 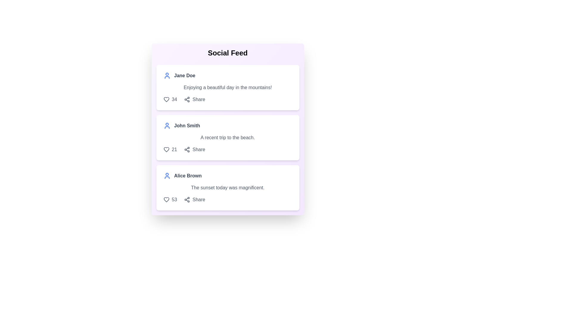 I want to click on 'Like' button for the post by Alice Brown, so click(x=166, y=200).